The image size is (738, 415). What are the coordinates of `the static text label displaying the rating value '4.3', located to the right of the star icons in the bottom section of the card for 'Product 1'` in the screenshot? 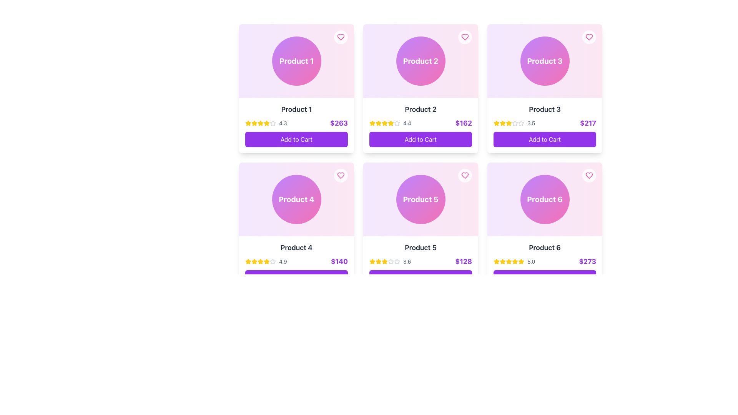 It's located at (283, 123).